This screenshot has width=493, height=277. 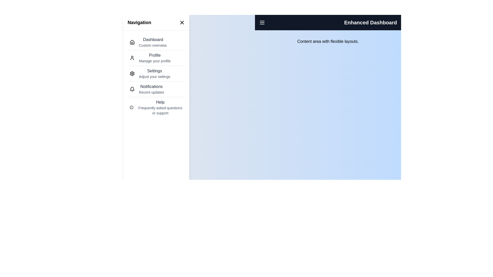 What do you see at coordinates (132, 42) in the screenshot?
I see `the house icon in the navigation menu, which is the upper portion of a composite house icon located at the top left alongside the label 'Dashboard'` at bounding box center [132, 42].